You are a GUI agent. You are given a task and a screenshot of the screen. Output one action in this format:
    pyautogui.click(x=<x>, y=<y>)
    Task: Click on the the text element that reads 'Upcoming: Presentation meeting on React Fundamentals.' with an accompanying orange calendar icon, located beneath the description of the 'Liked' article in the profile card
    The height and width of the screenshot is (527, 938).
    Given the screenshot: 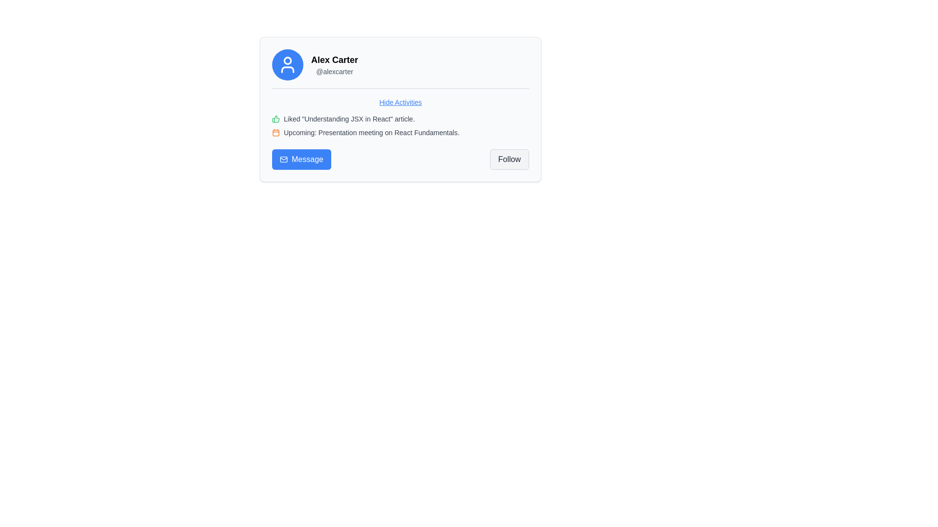 What is the action you would take?
    pyautogui.click(x=401, y=133)
    